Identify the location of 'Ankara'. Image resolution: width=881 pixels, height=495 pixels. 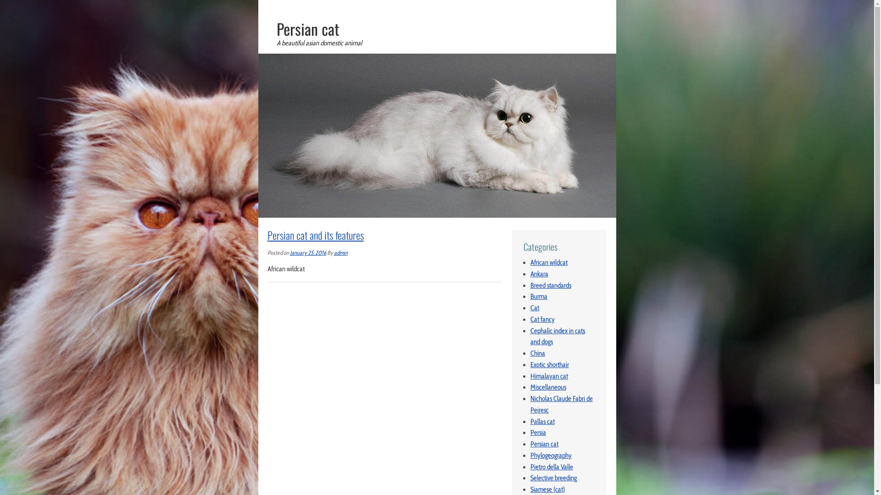
(530, 273).